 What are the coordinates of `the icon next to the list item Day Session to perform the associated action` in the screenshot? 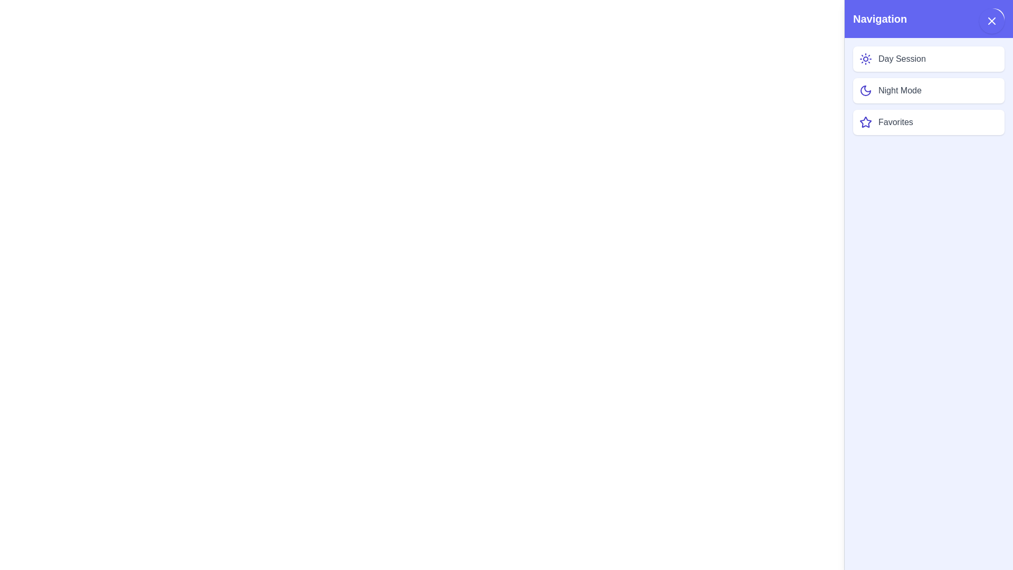 It's located at (866, 59).